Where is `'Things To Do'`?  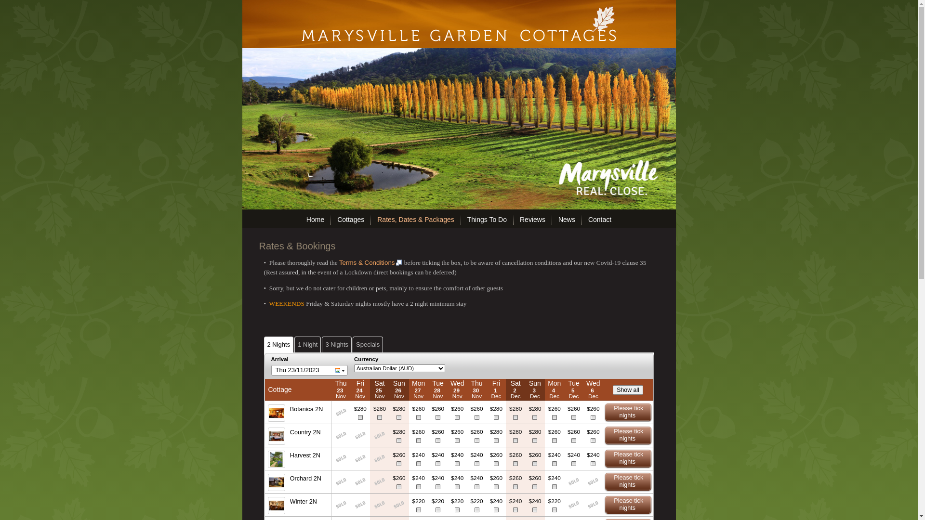
'Things To Do' is located at coordinates (487, 219).